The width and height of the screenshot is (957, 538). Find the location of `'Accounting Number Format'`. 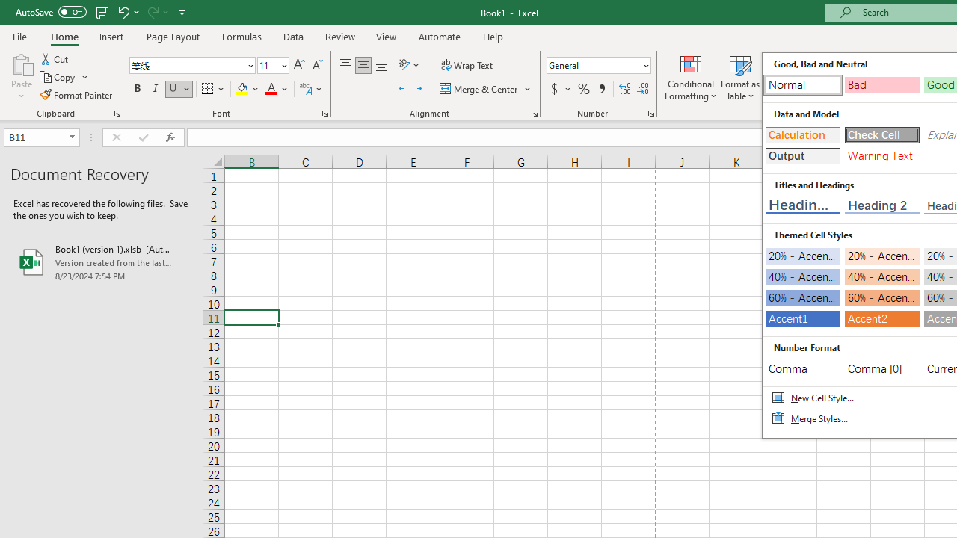

'Accounting Number Format' is located at coordinates (559, 89).